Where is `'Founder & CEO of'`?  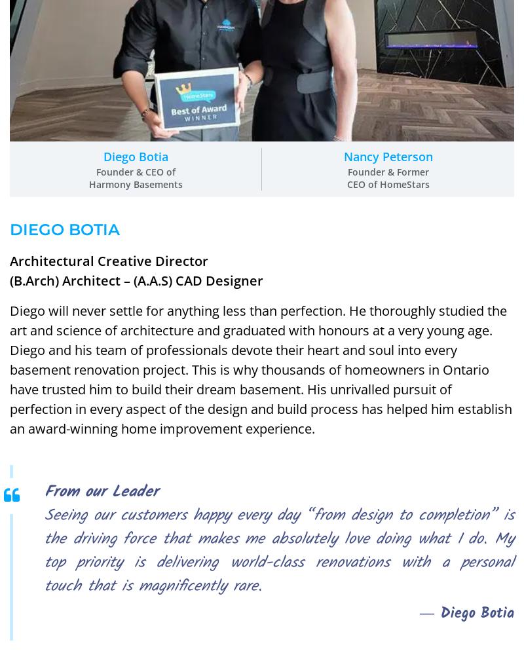
'Founder & CEO of' is located at coordinates (135, 170).